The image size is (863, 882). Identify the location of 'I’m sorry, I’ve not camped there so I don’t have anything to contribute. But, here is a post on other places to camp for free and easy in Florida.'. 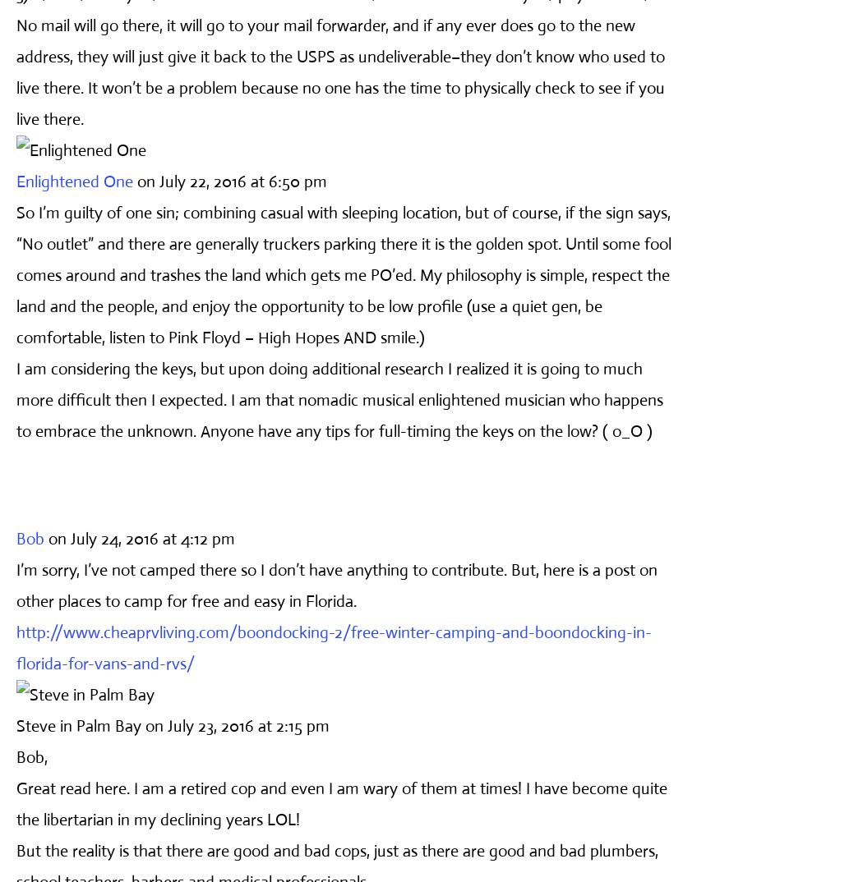
(337, 585).